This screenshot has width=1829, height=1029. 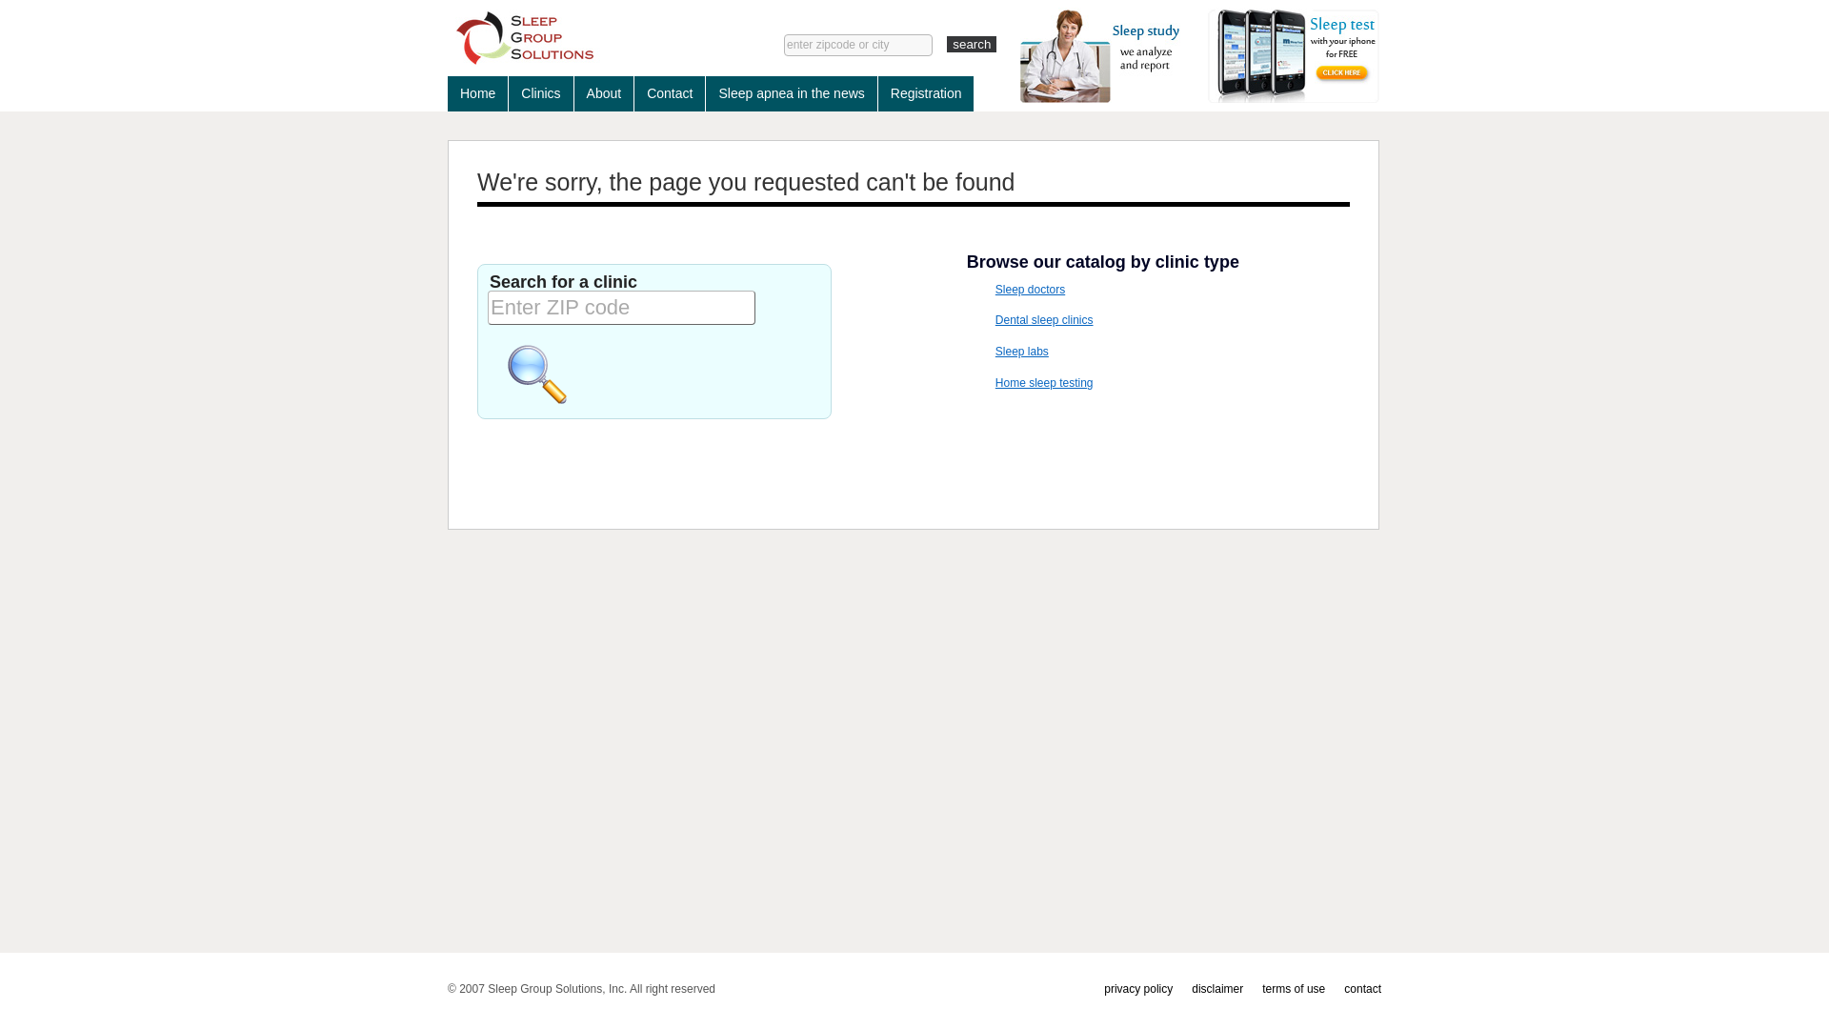 I want to click on 'Dental sleep clinics', so click(x=1043, y=318).